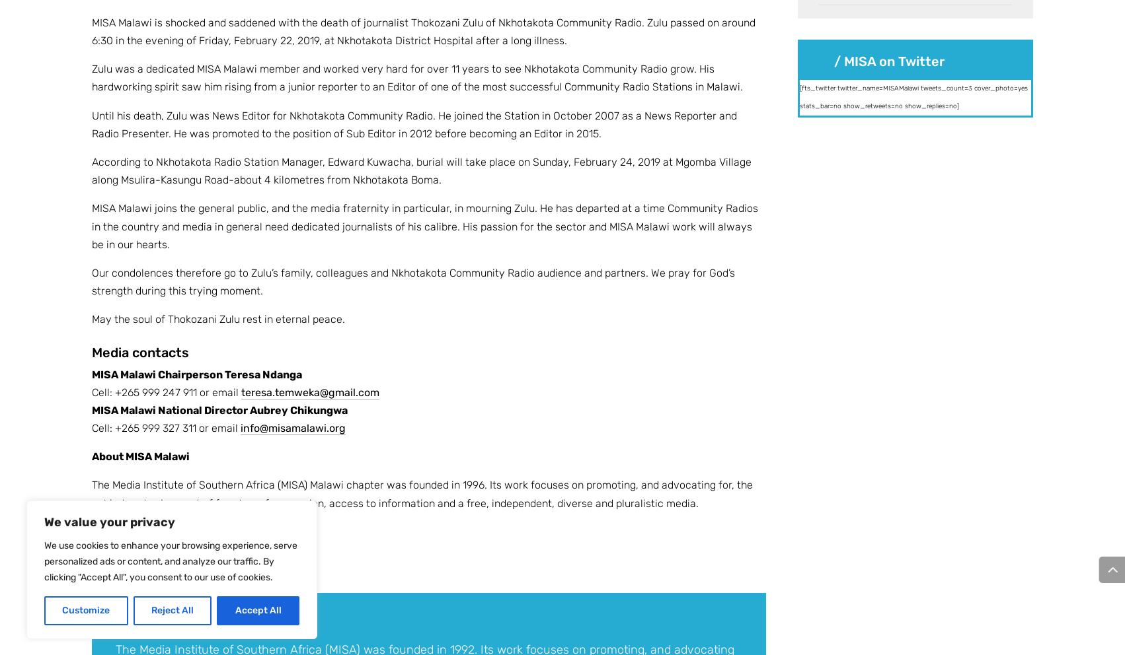 The image size is (1125, 655). I want to click on 'Cell: +265 999 247 911 or email', so click(166, 391).